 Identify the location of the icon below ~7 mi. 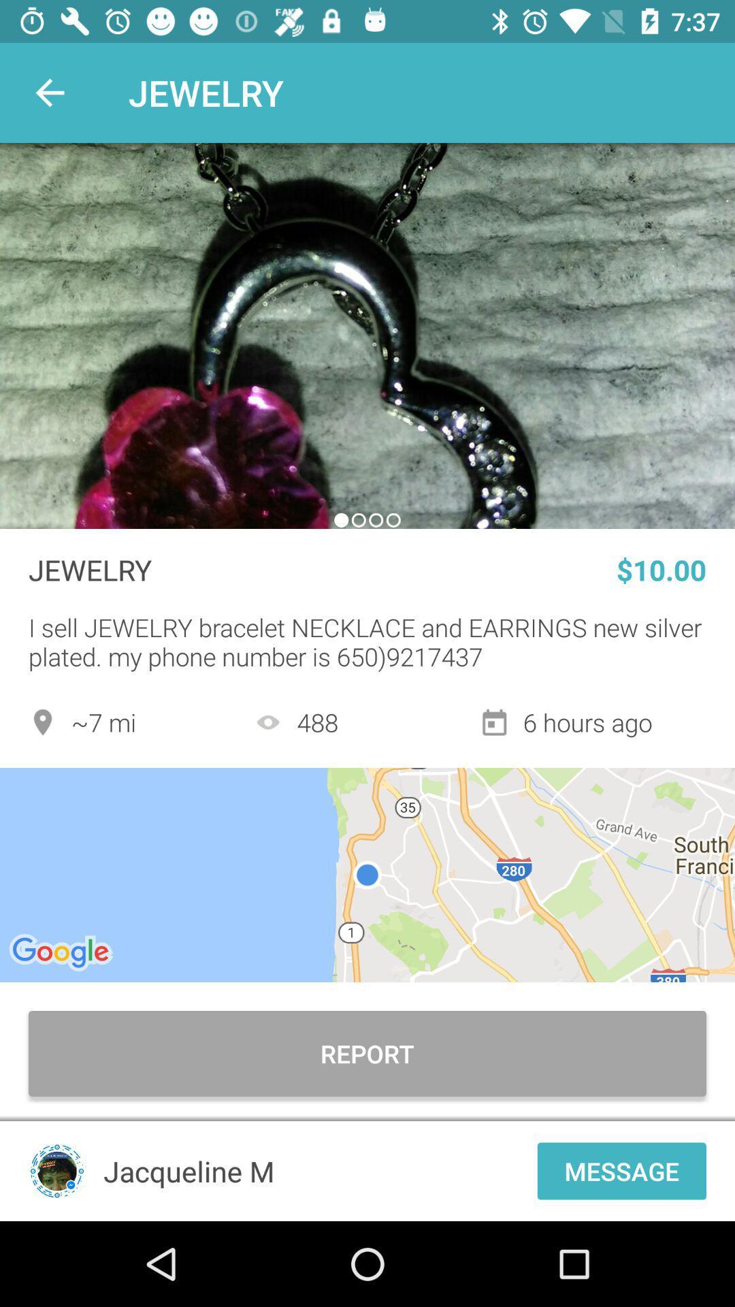
(367, 875).